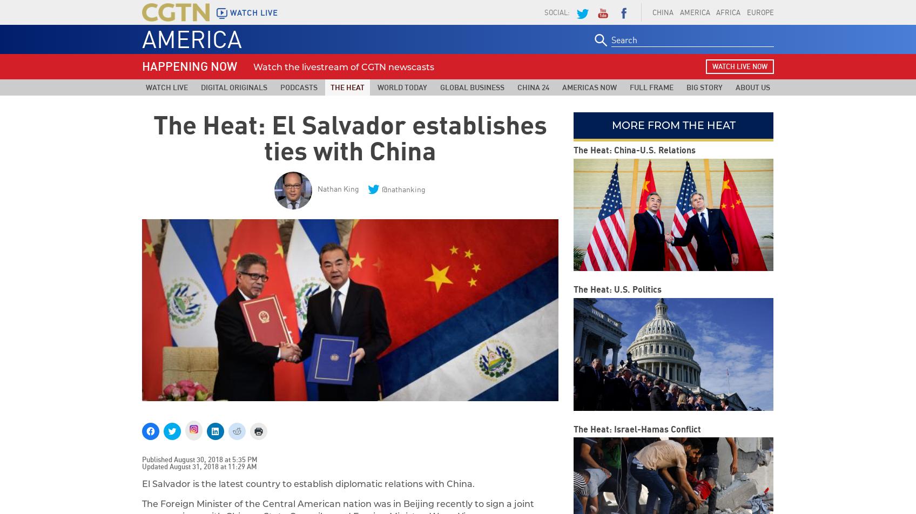 The image size is (916, 514). I want to click on 'World Today', so click(376, 87).